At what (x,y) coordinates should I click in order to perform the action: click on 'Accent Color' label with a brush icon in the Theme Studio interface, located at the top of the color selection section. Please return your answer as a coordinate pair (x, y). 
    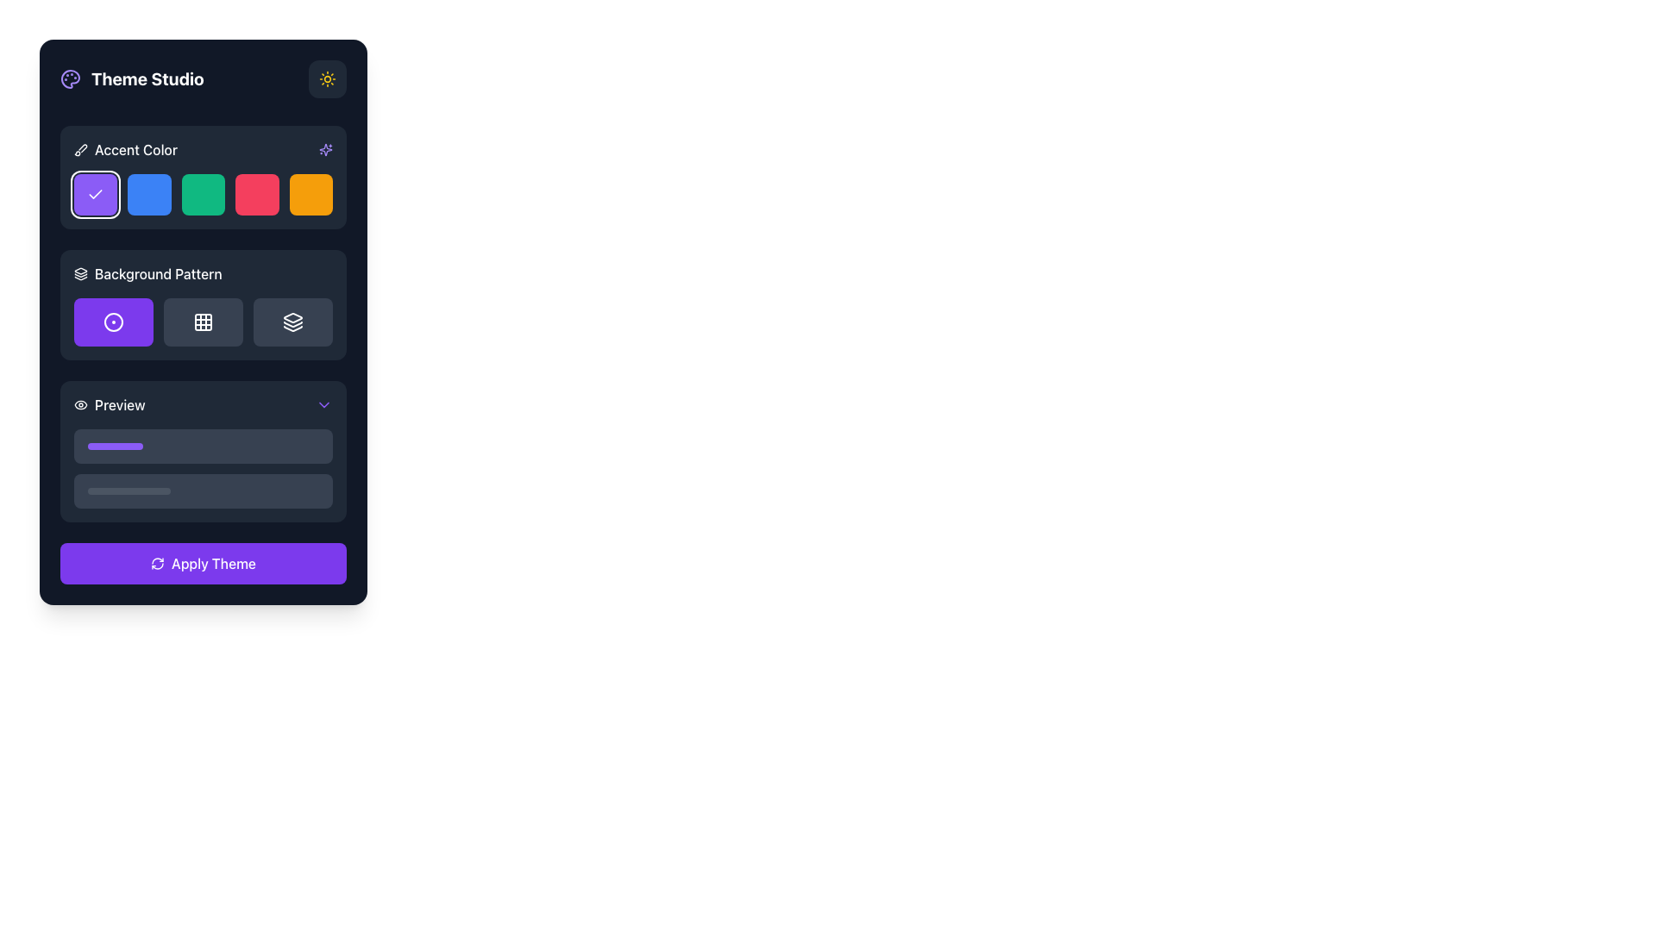
    Looking at the image, I should click on (124, 148).